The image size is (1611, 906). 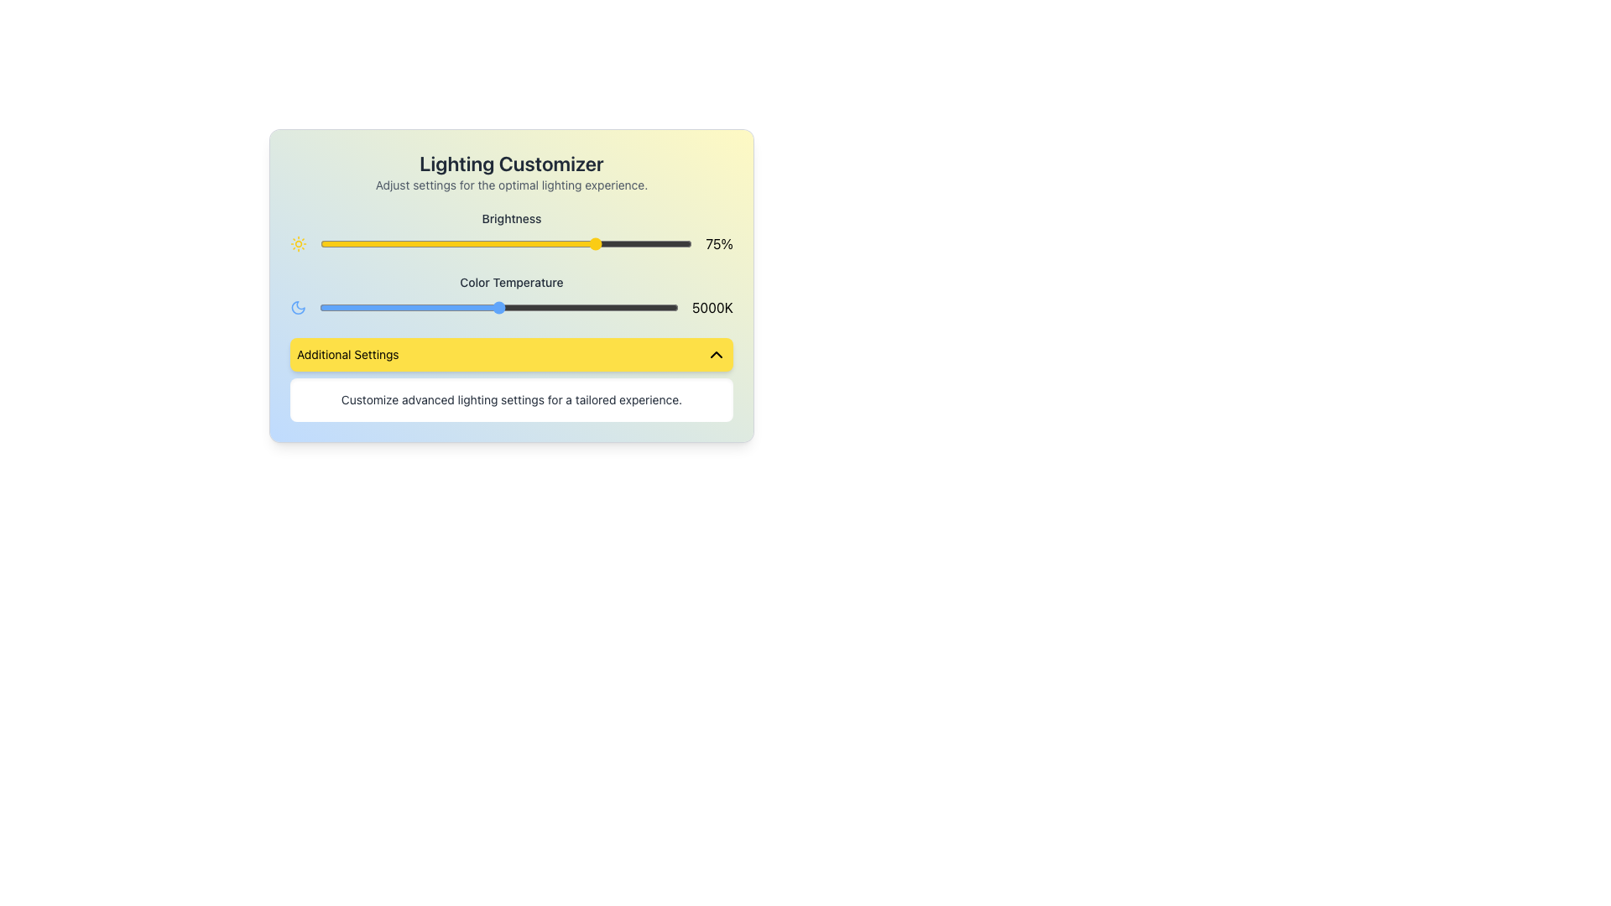 What do you see at coordinates (298, 307) in the screenshot?
I see `the moon-shaped icon in the 'Color Temperature' section` at bounding box center [298, 307].